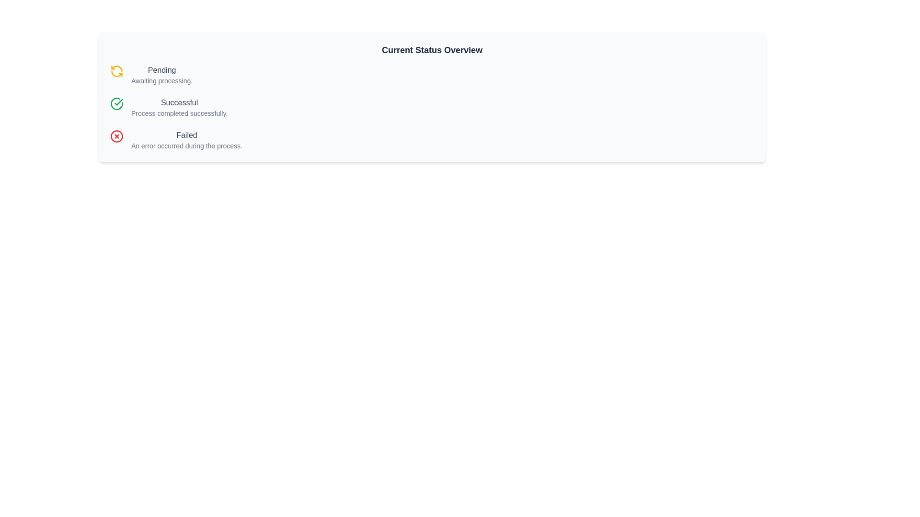 The image size is (920, 517). What do you see at coordinates (116, 71) in the screenshot?
I see `the refresh icon with a circular arrow design, which is yellow and located to the left of the text 'Pending' in the status overview` at bounding box center [116, 71].